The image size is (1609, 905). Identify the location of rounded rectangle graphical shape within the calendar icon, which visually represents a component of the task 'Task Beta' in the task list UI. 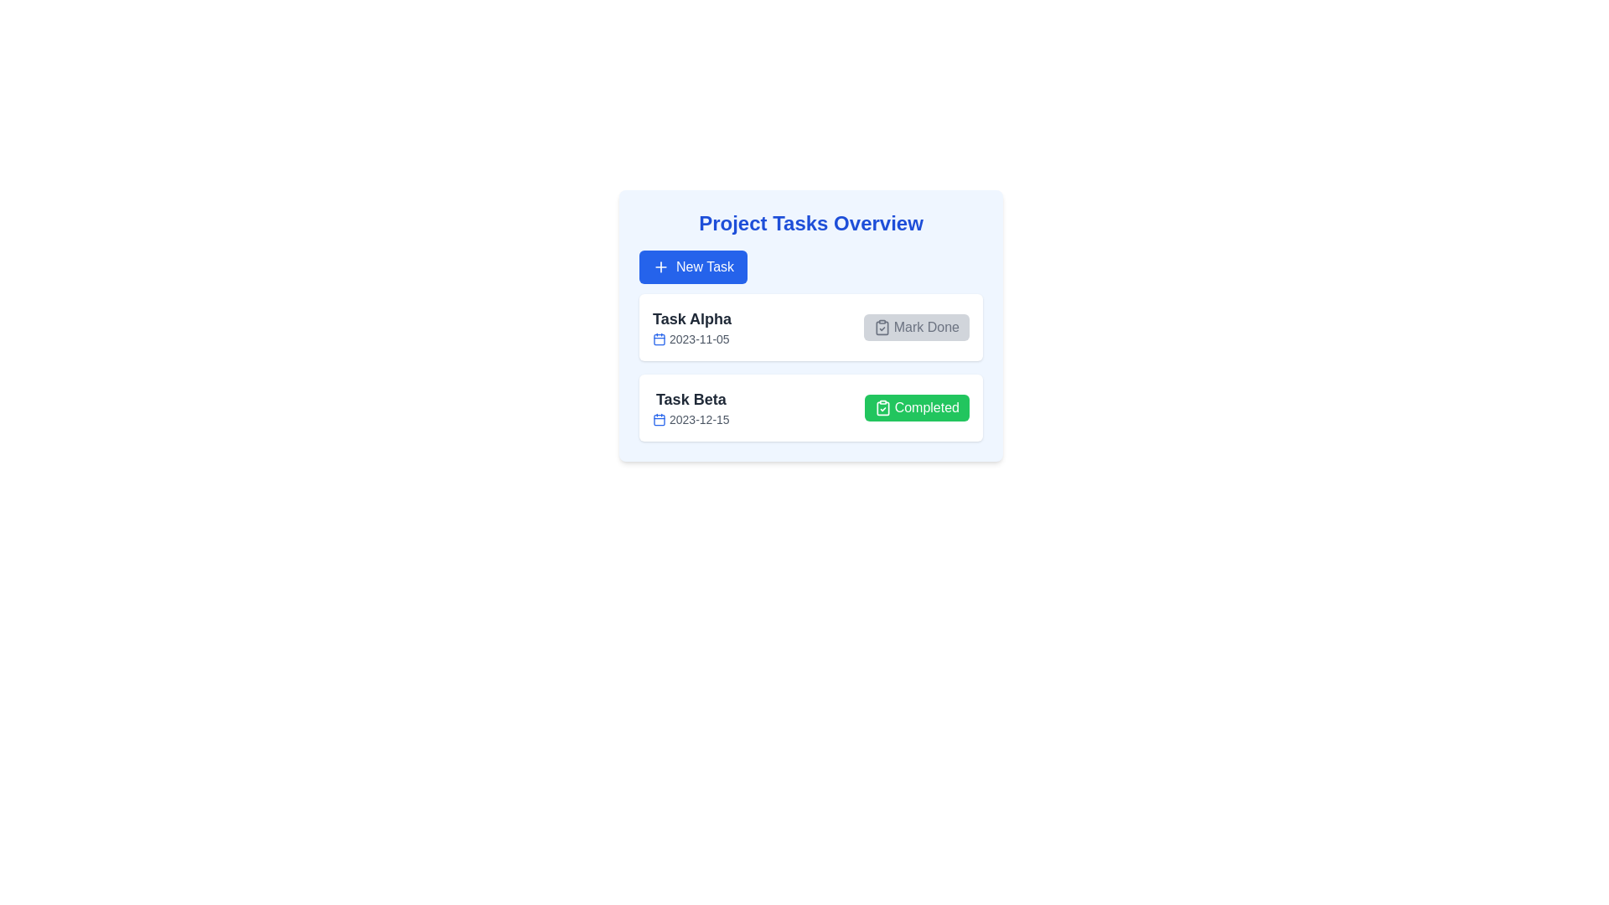
(659, 419).